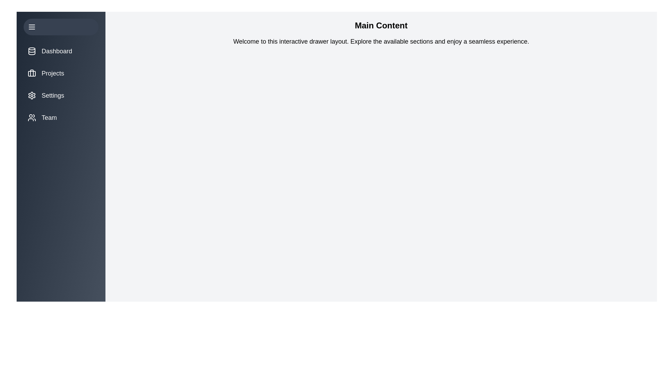 The width and height of the screenshot is (666, 374). I want to click on toggle button to open or close the drawer, so click(61, 26).